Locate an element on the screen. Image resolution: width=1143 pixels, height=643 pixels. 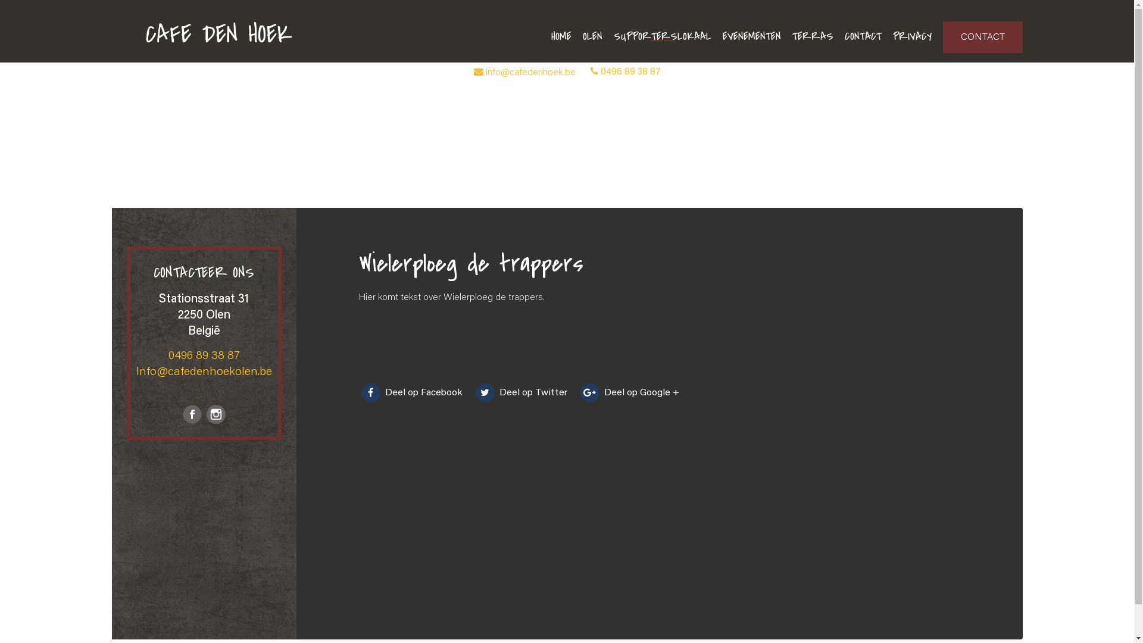
'OLEN' is located at coordinates (592, 36).